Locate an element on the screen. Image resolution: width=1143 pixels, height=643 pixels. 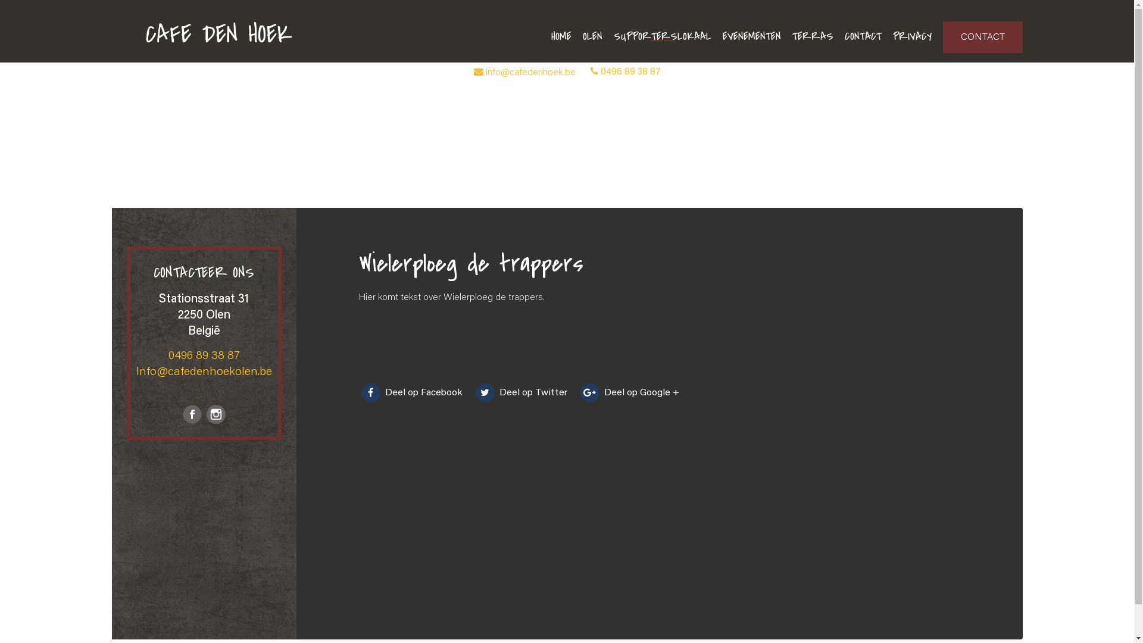
'OLEN' is located at coordinates (592, 36).